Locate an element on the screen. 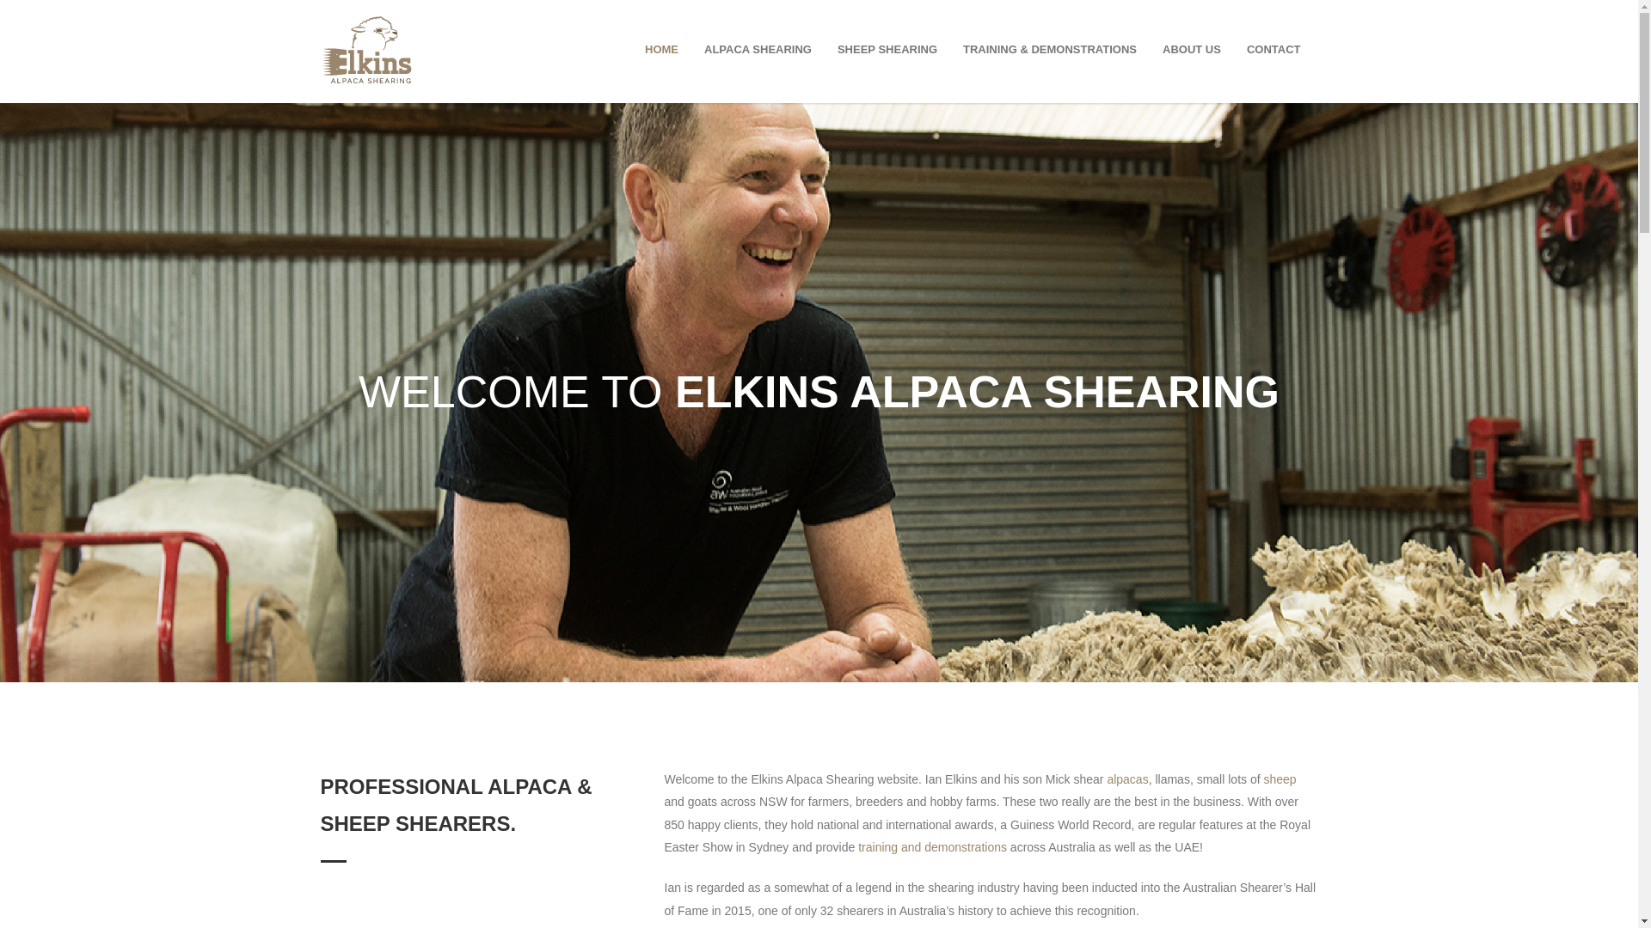 The height and width of the screenshot is (928, 1651). 'training and demonstrations' is located at coordinates (931, 846).